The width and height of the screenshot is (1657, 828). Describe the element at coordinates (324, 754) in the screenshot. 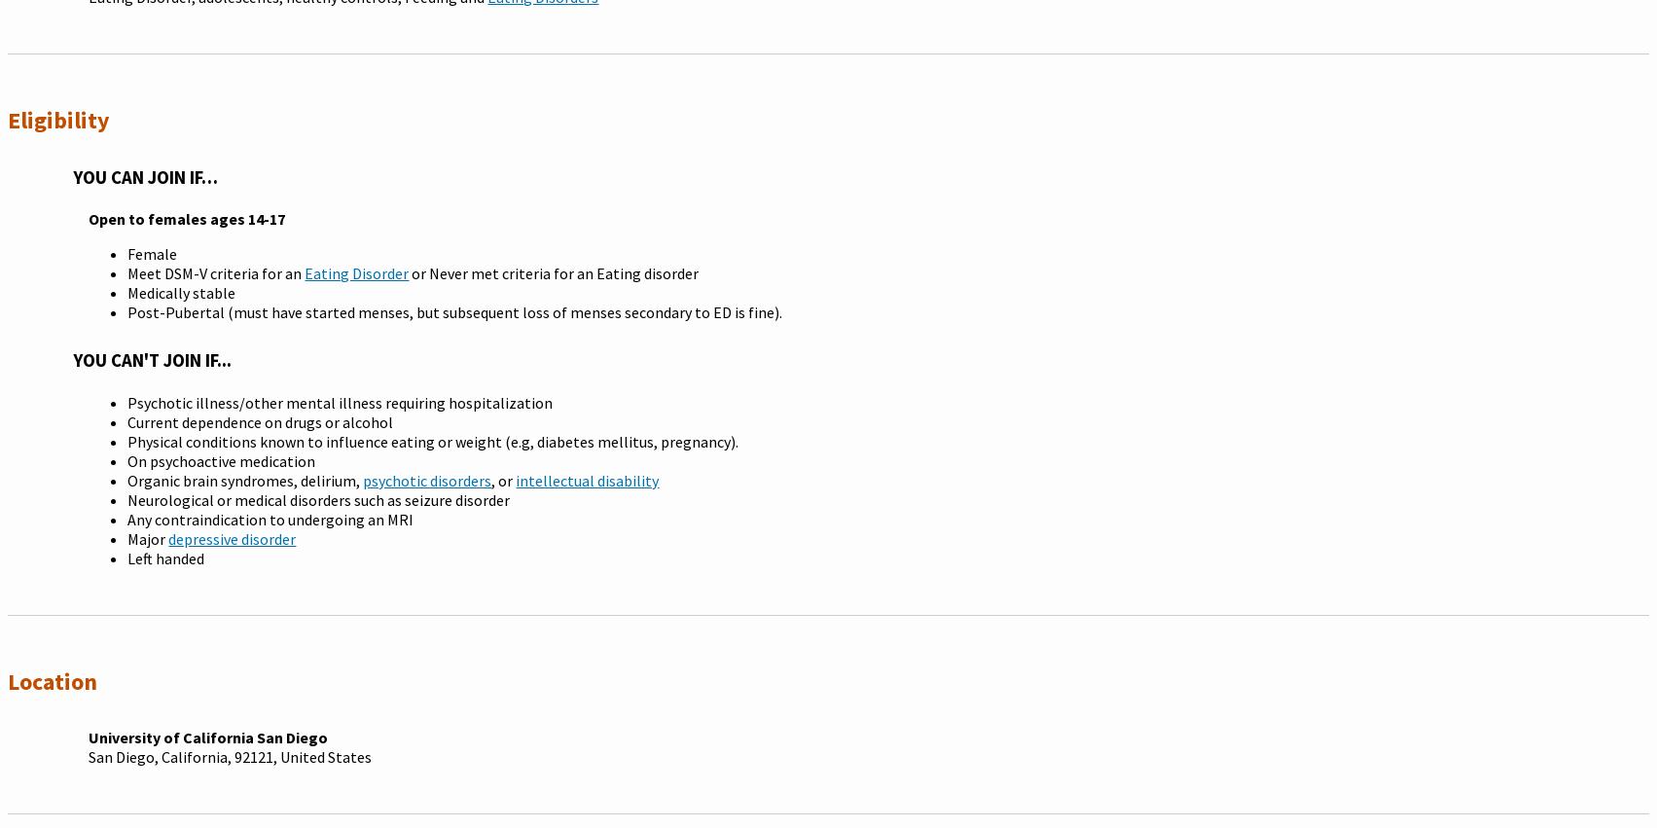

I see `'United States'` at that location.